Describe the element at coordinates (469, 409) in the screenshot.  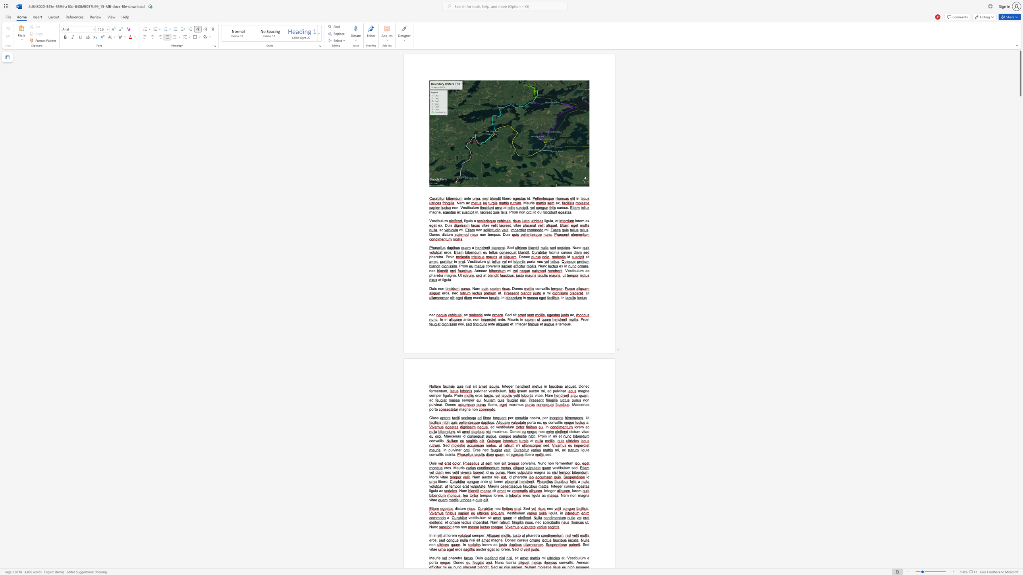
I see `the 2th character "a" in the text` at that location.